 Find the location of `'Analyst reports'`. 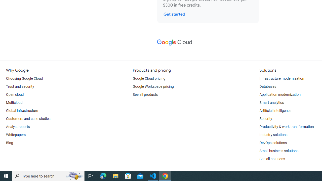

'Analyst reports' is located at coordinates (18, 127).